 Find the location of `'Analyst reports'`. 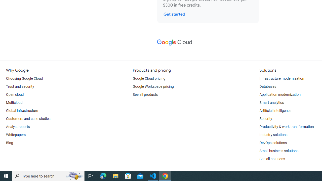

'Analyst reports' is located at coordinates (18, 127).